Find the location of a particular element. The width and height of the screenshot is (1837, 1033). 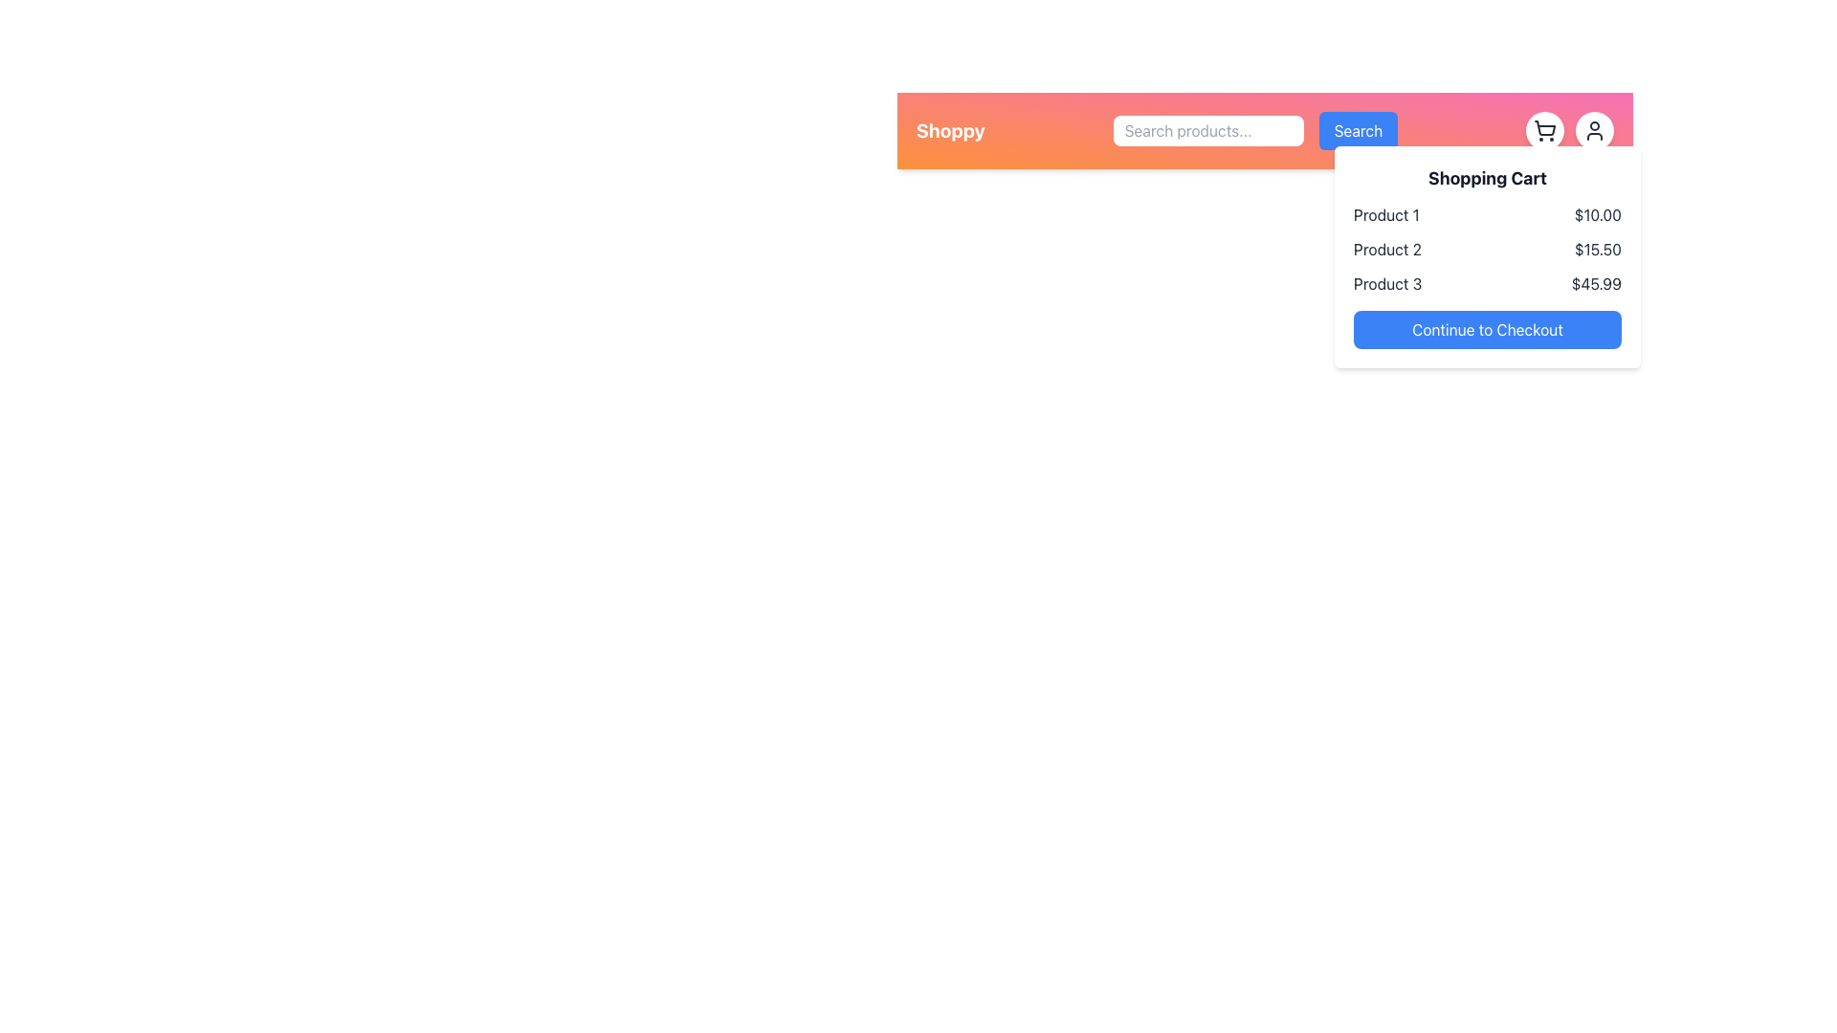

the shopping cart button located near the top-right corner of the navigation bar is located at coordinates (1544, 130).